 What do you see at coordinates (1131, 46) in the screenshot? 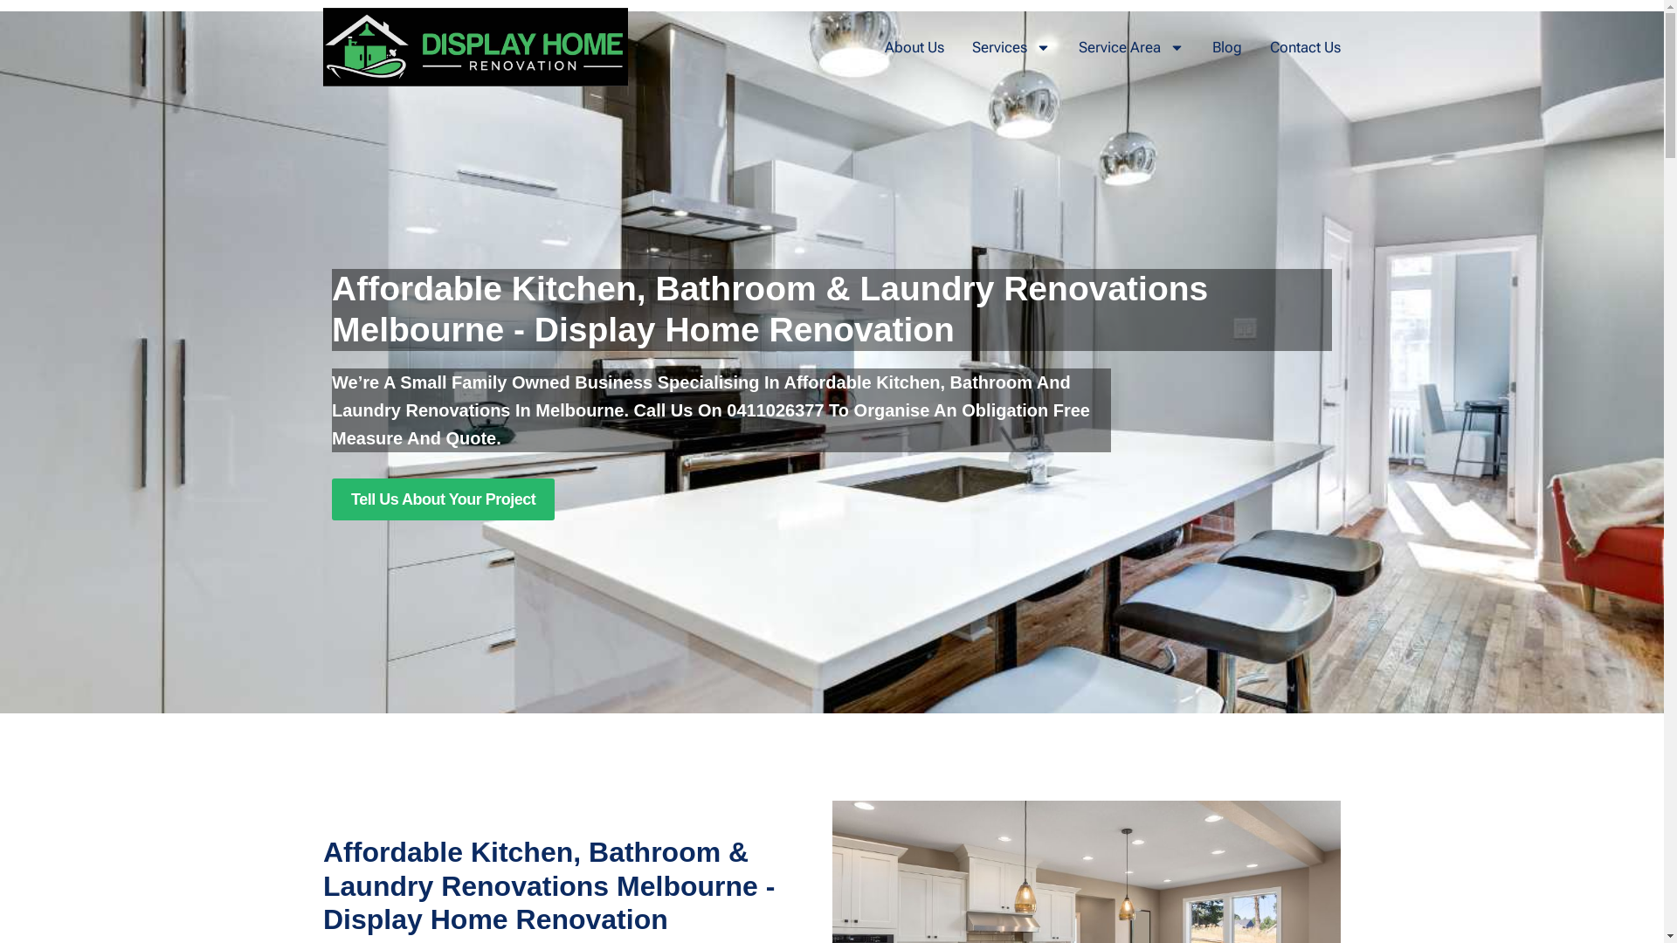
I see `'Service Area'` at bounding box center [1131, 46].